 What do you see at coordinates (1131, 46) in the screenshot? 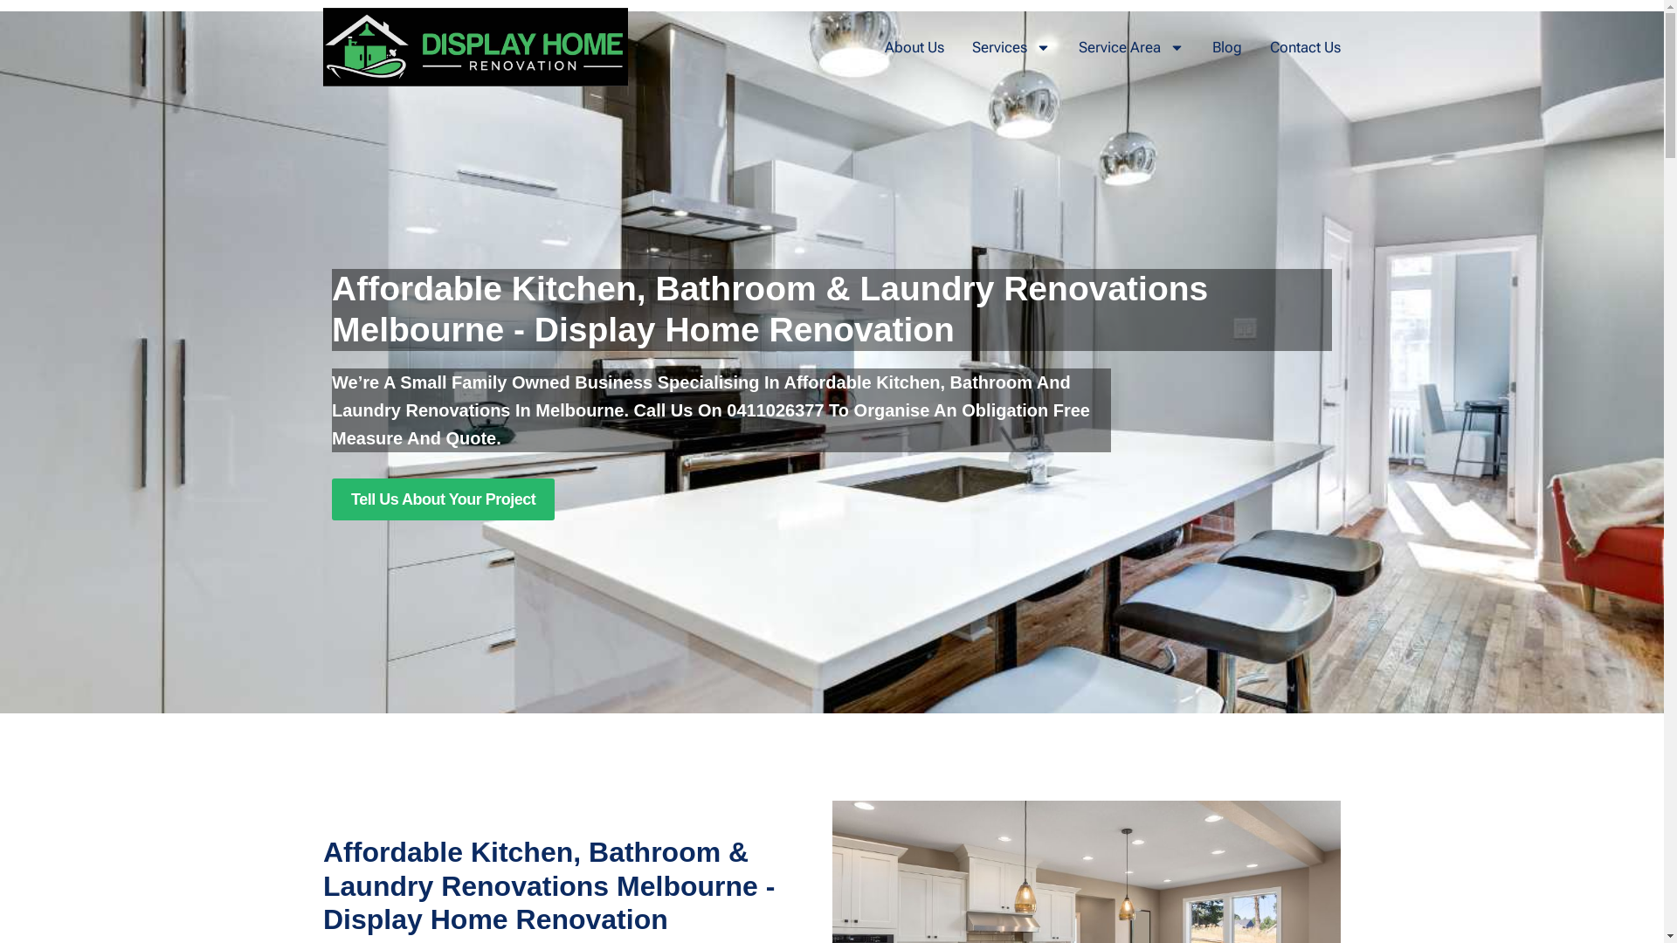
I see `'Service Area'` at bounding box center [1131, 46].